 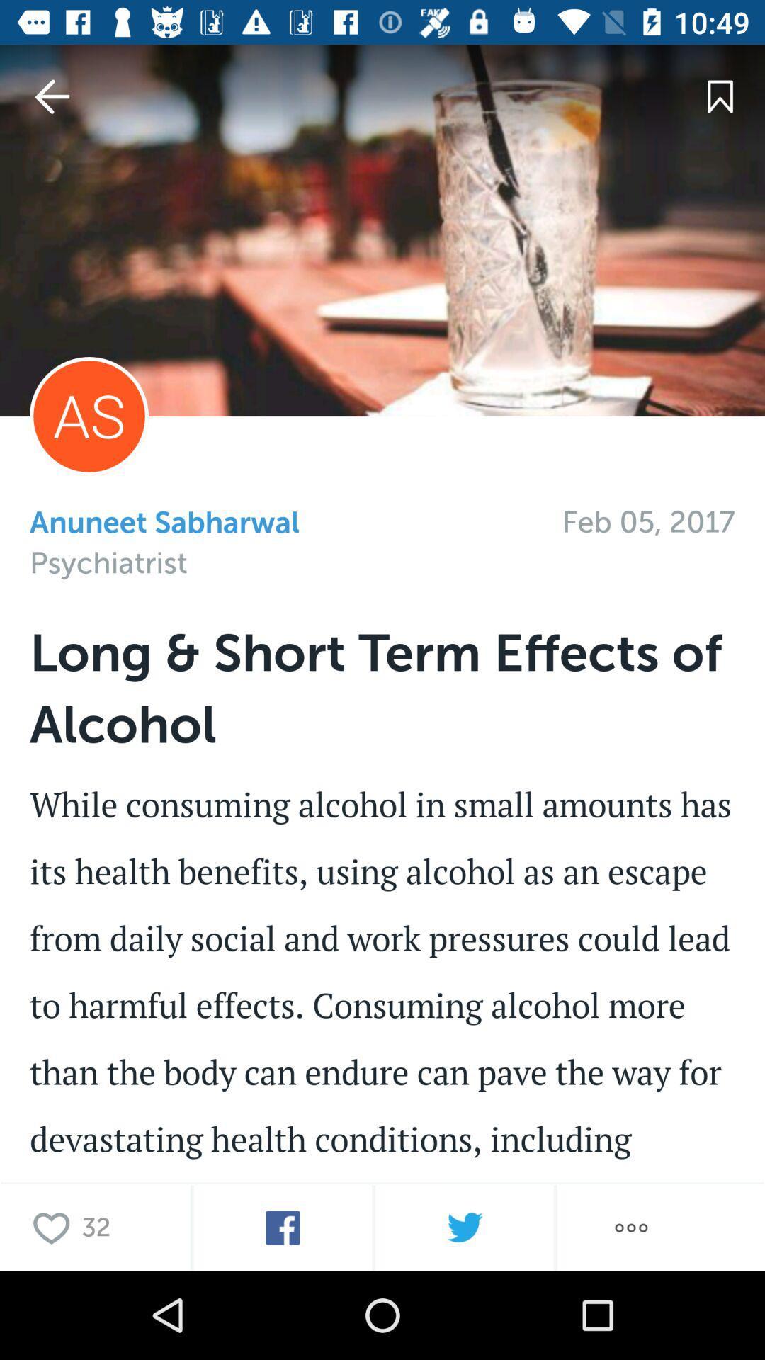 I want to click on the last button at bottom right corner, so click(x=630, y=1227).